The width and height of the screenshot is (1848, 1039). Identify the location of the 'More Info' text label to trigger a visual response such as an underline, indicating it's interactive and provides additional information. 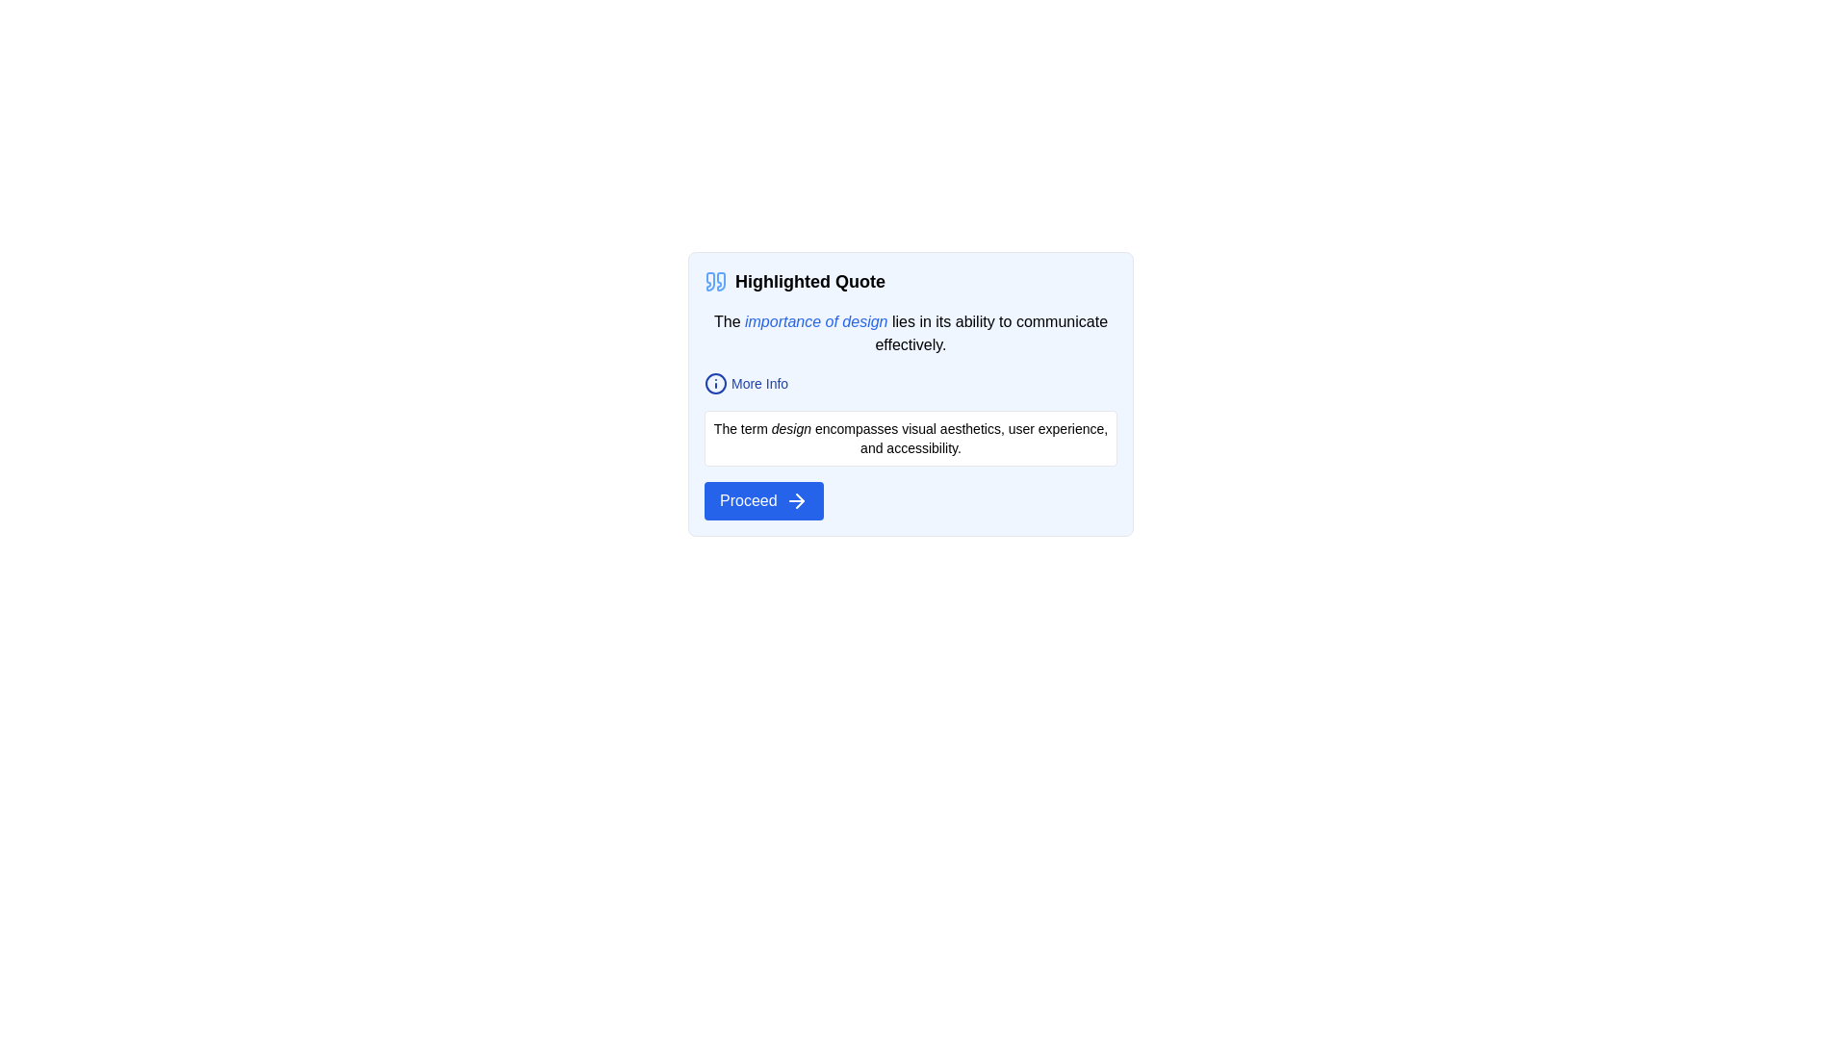
(758, 383).